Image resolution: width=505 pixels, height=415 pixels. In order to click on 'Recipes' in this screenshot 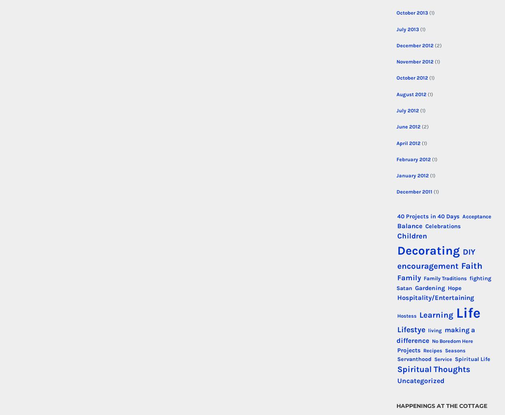, I will do `click(432, 350)`.